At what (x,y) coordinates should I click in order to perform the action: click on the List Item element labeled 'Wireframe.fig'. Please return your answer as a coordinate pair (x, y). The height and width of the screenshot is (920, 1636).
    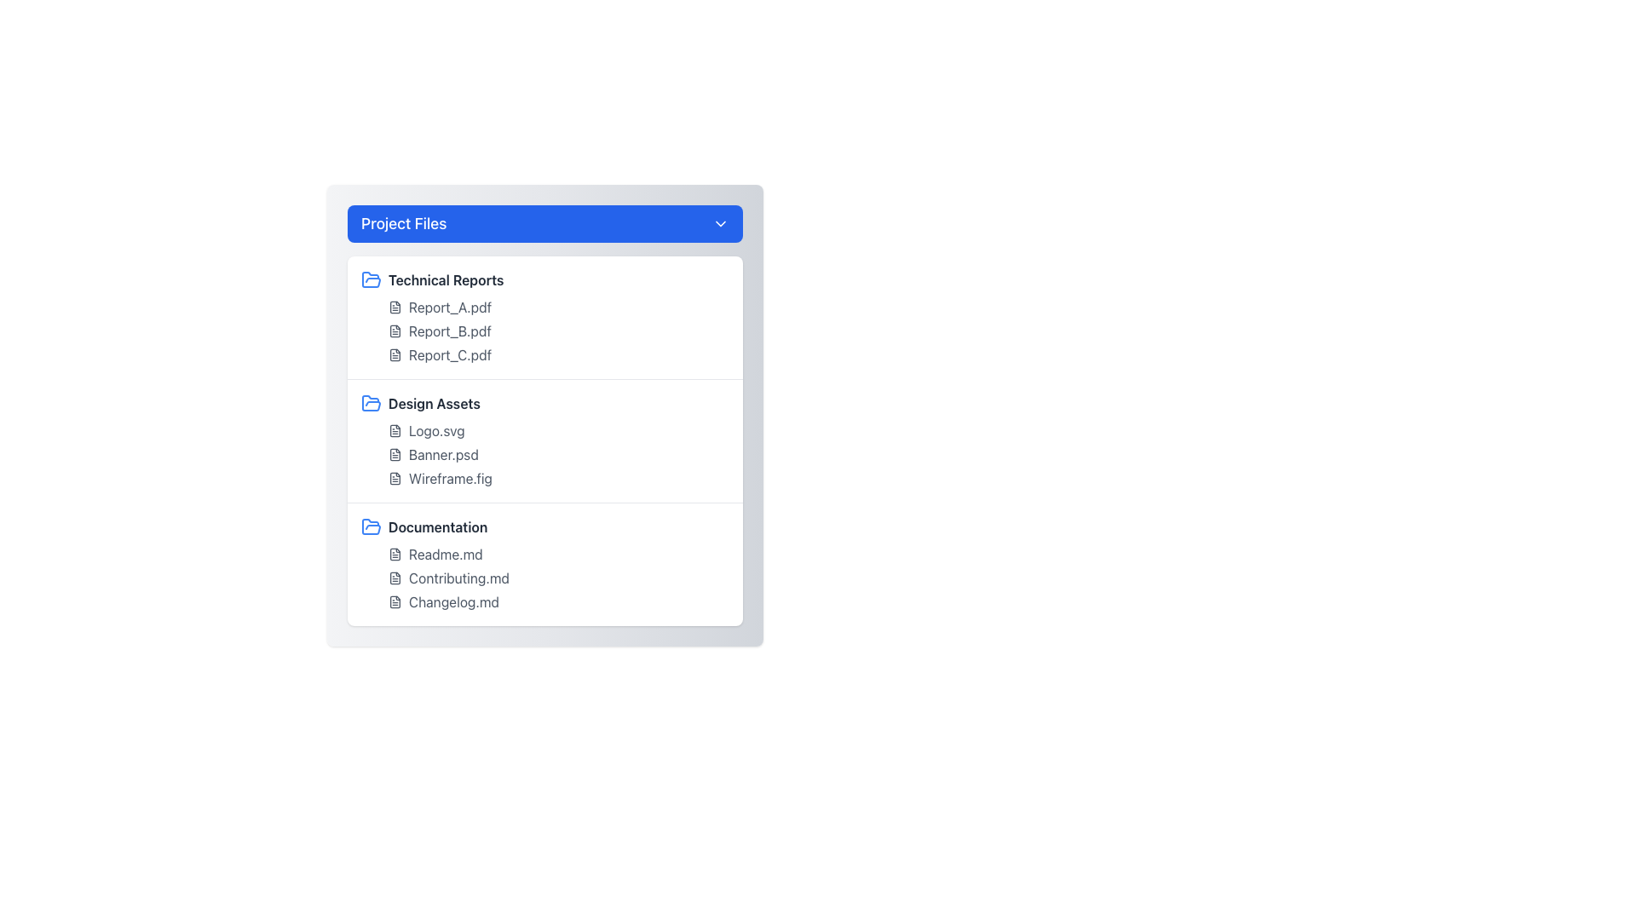
    Looking at the image, I should click on (559, 479).